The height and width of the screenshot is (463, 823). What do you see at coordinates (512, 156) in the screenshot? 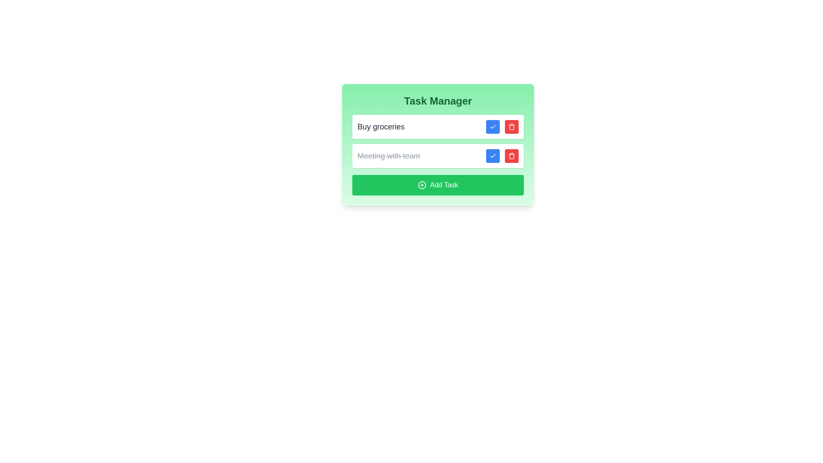
I see `the red trashcan-shaped icon within the clickable button` at bounding box center [512, 156].